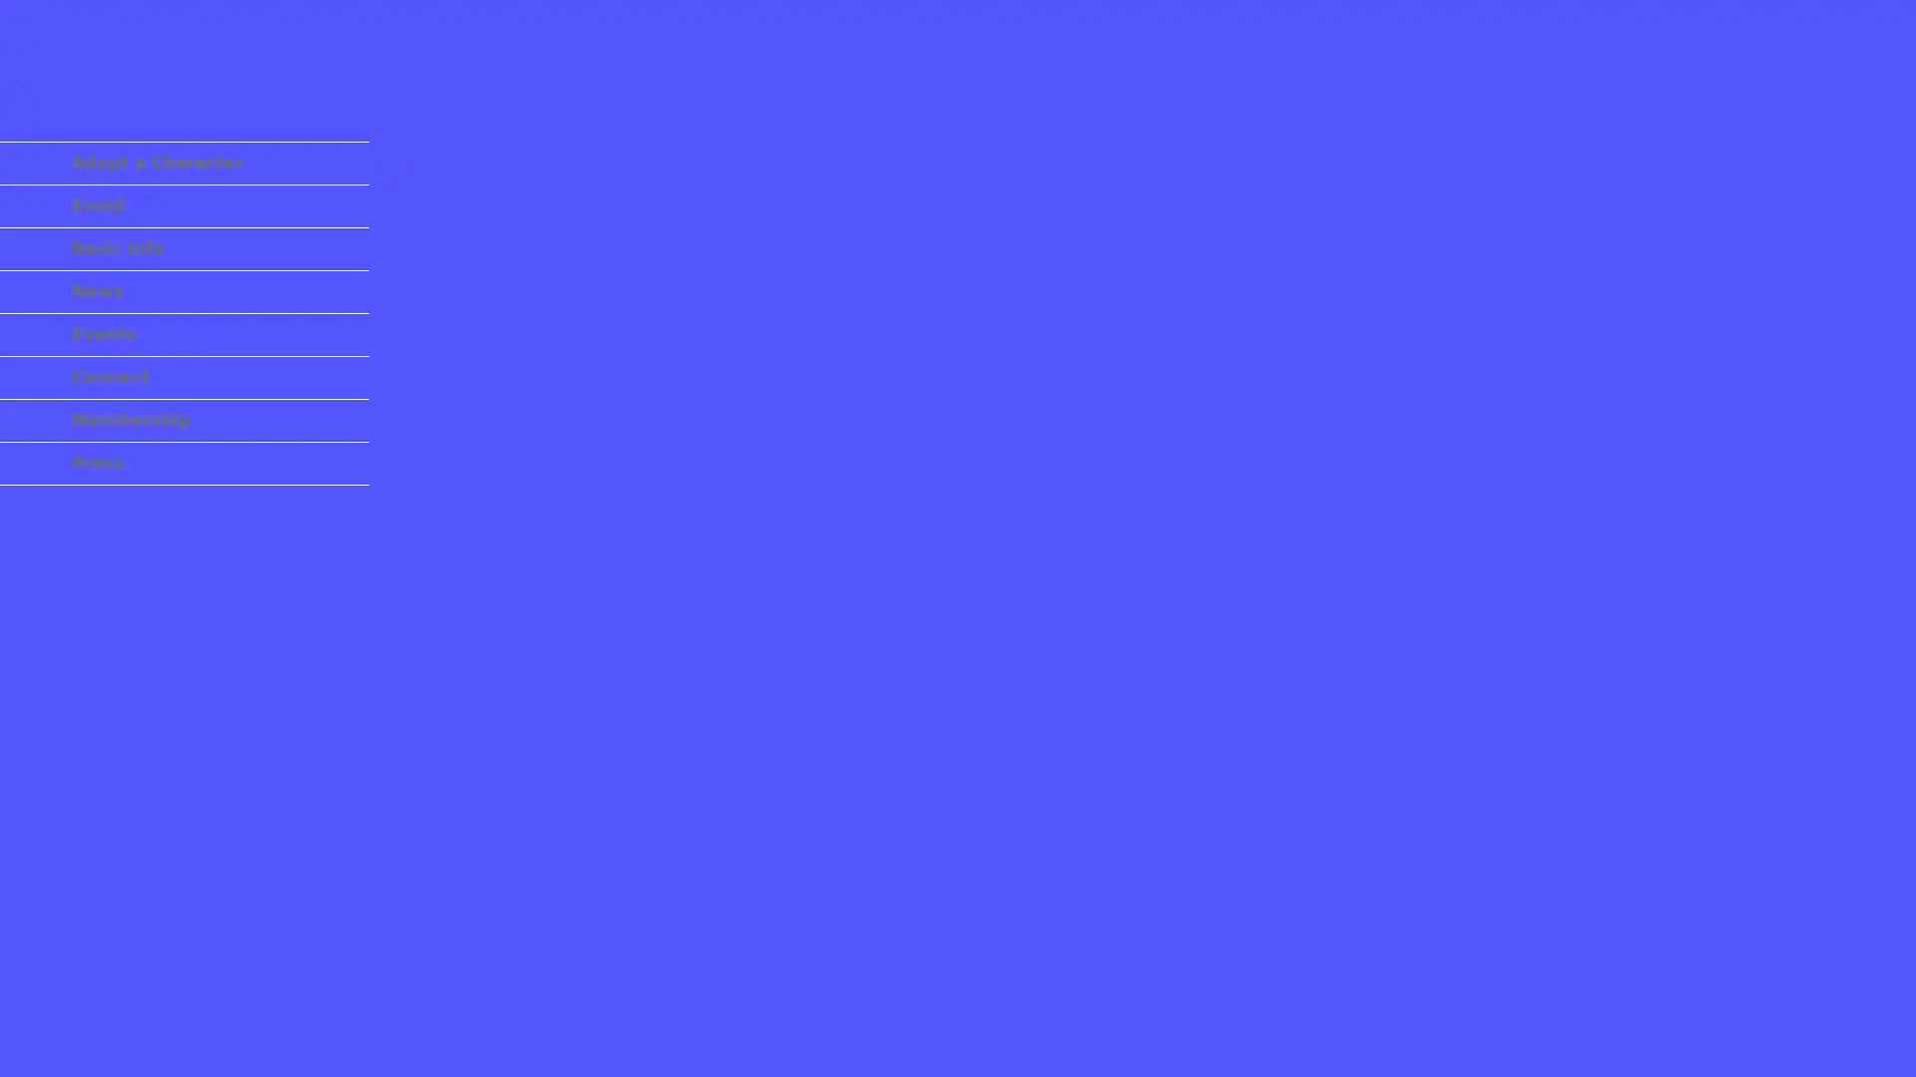 The image size is (1916, 1077). What do you see at coordinates (1219, 225) in the screenshot?
I see `U+0937` at bounding box center [1219, 225].